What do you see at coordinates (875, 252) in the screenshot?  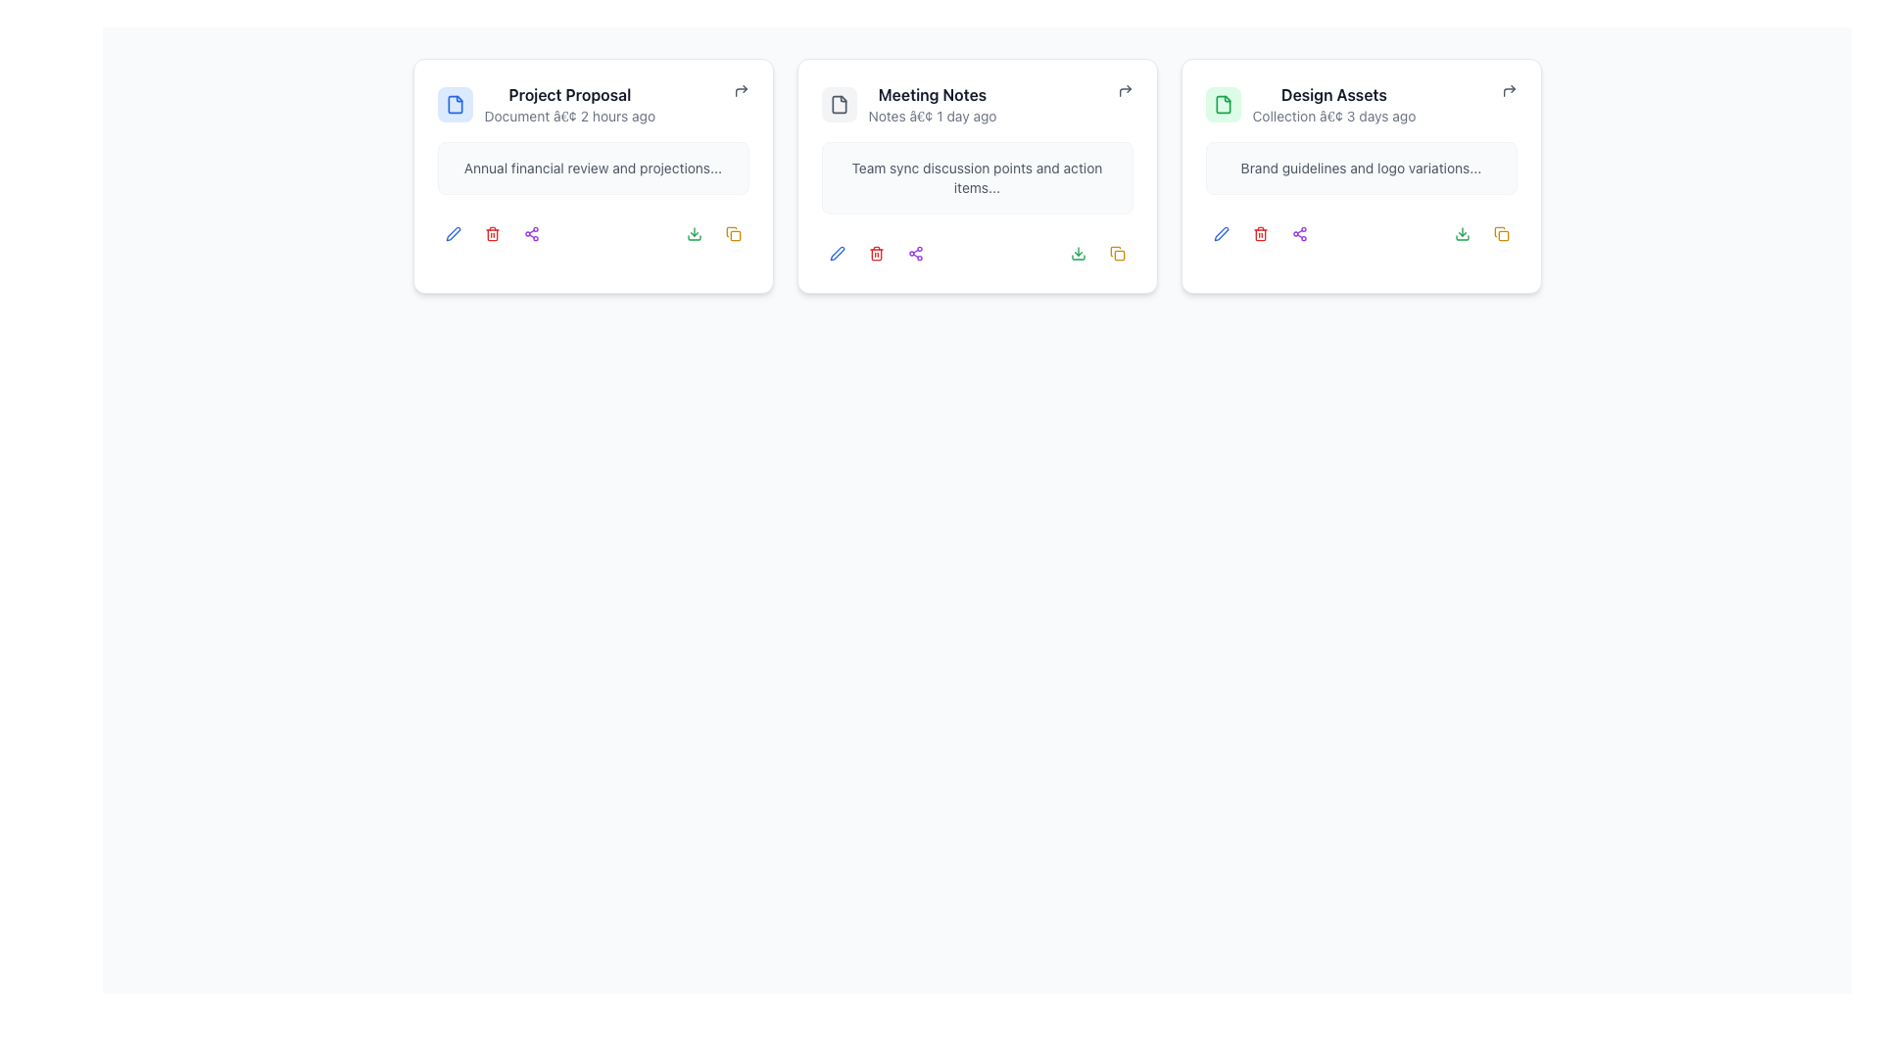 I see `the delete action button for 'Meeting Notes', which is the second icon from the left in the row of icons located centrally below the card's header` at bounding box center [875, 252].